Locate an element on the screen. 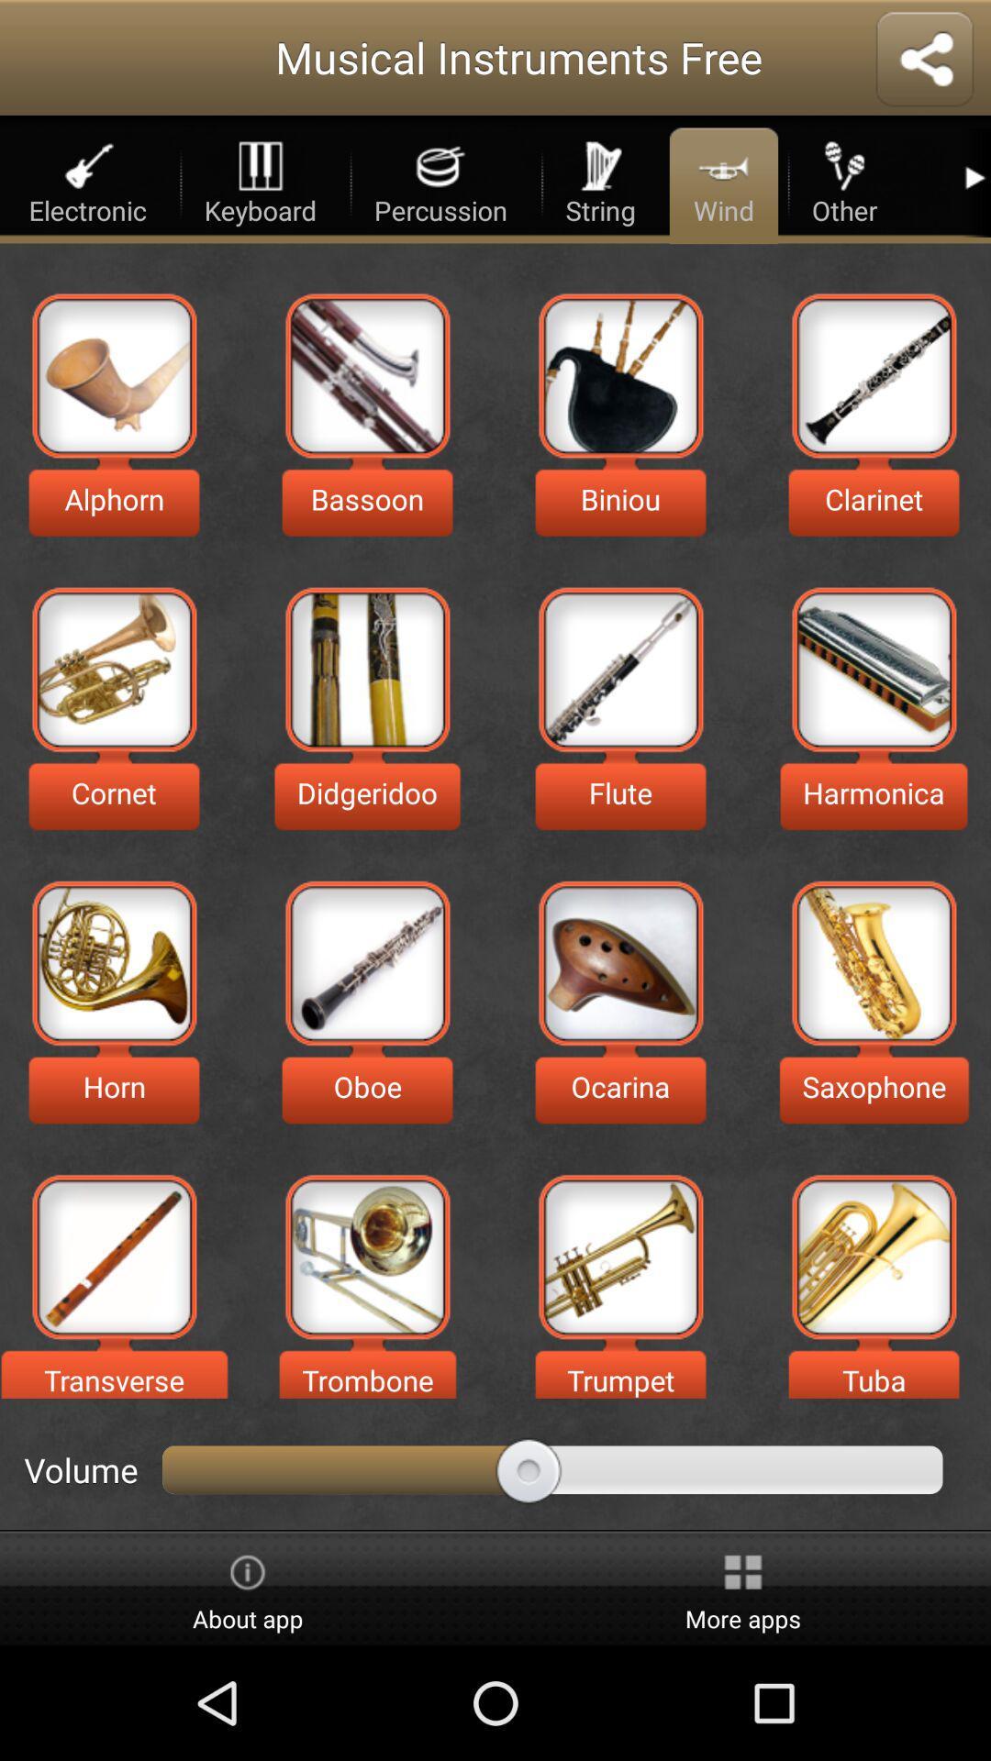  click the ocarina option is located at coordinates (619, 962).